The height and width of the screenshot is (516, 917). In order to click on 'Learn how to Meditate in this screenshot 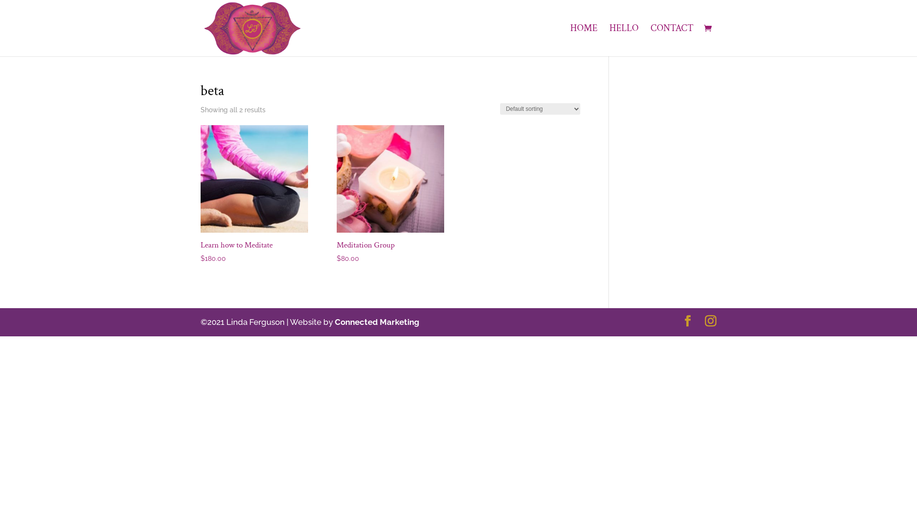, I will do `click(254, 194)`.